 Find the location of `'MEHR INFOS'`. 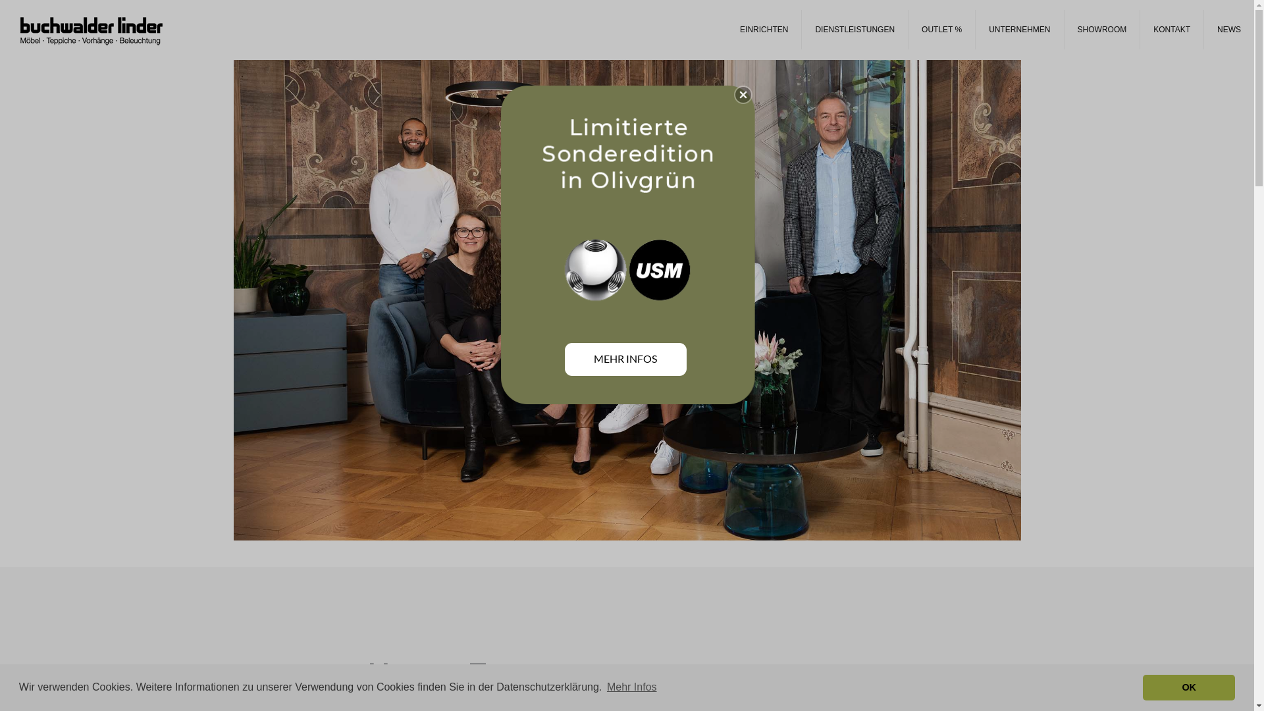

'MEHR INFOS' is located at coordinates (625, 359).